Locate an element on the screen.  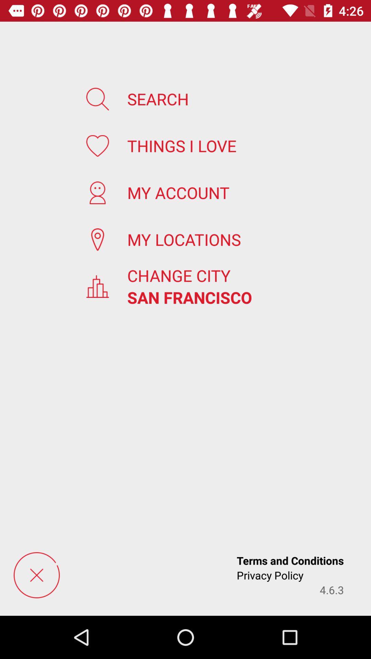
the 4.6.3 app is located at coordinates (331, 589).